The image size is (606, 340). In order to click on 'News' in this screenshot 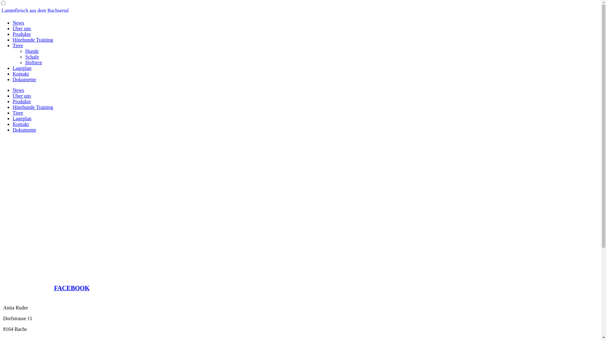, I will do `click(12, 90)`.